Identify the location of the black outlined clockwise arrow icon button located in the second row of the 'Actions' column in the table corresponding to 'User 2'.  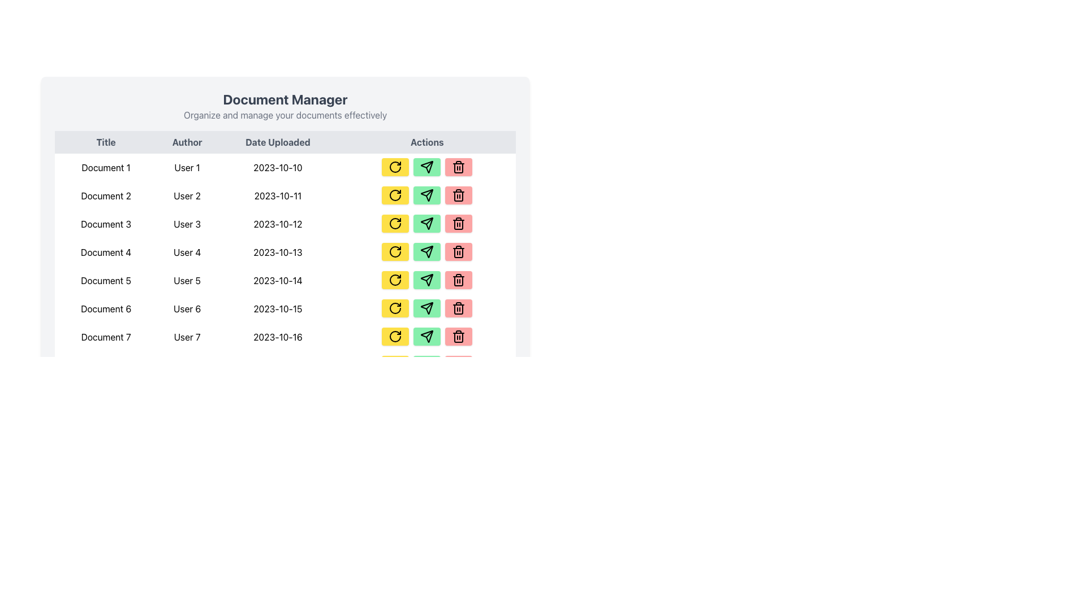
(395, 195).